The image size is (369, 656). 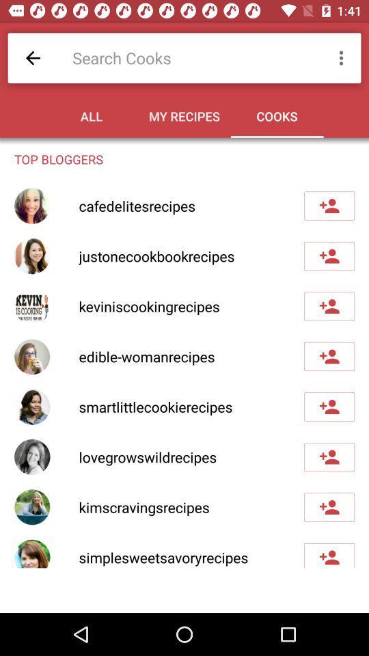 What do you see at coordinates (329, 457) in the screenshot?
I see `as friend` at bounding box center [329, 457].